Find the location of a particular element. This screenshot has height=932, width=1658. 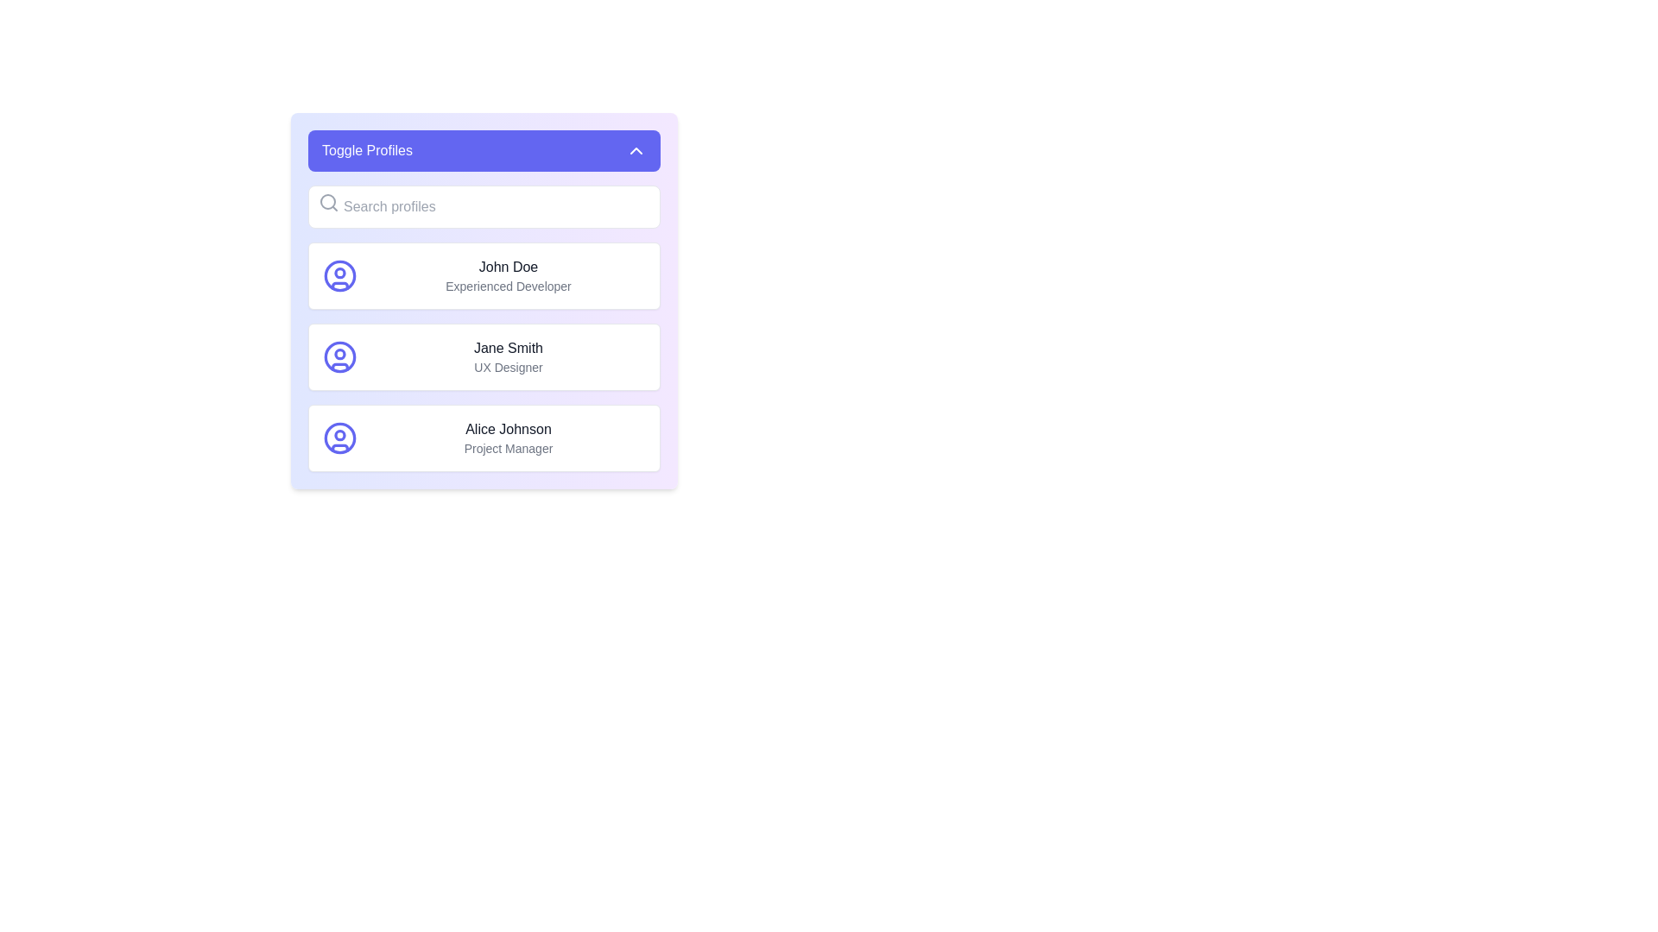

the text label displaying 'Jane Smith' as a profile identifier, which is located in the second card of a vertically arranged list of profile cards is located at coordinates (508, 356).